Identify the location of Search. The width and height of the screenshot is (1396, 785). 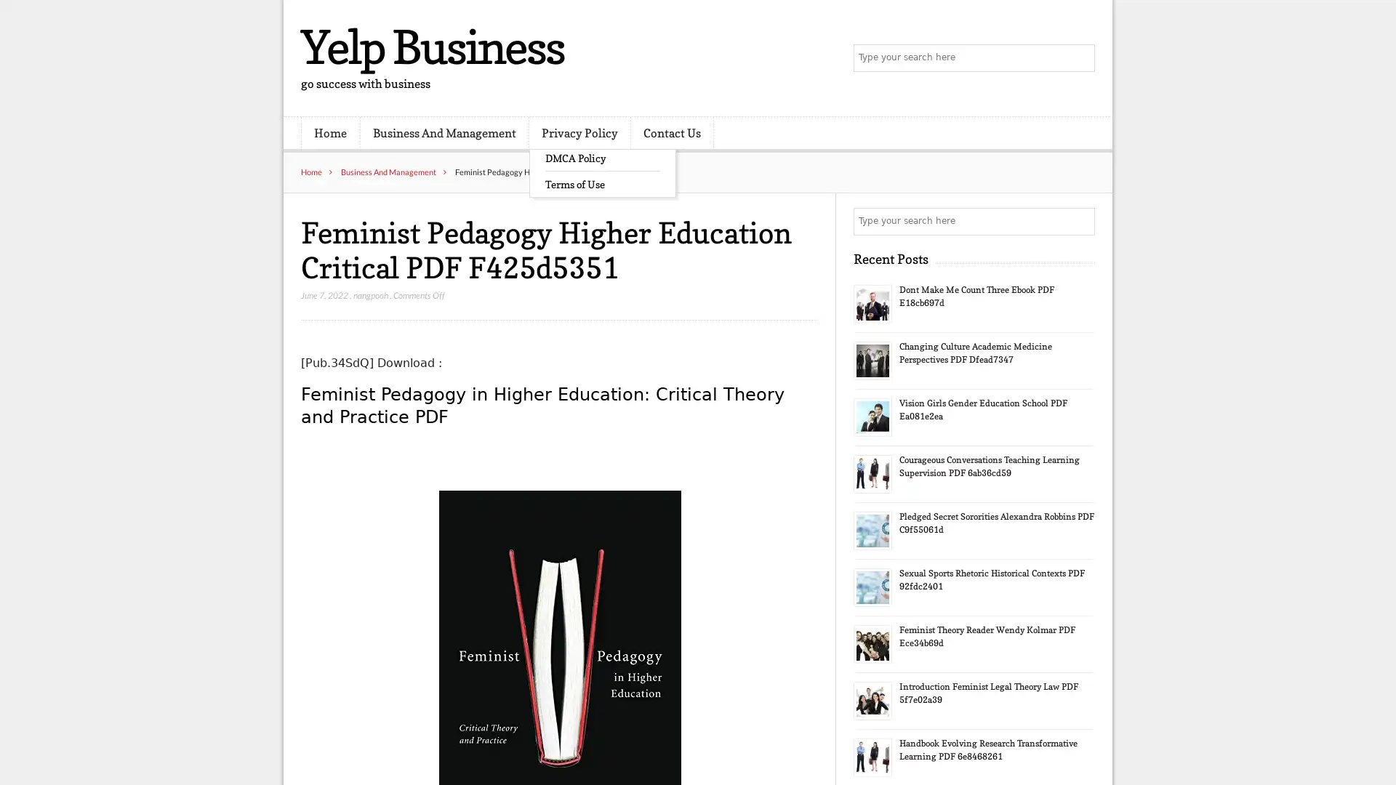
(1080, 221).